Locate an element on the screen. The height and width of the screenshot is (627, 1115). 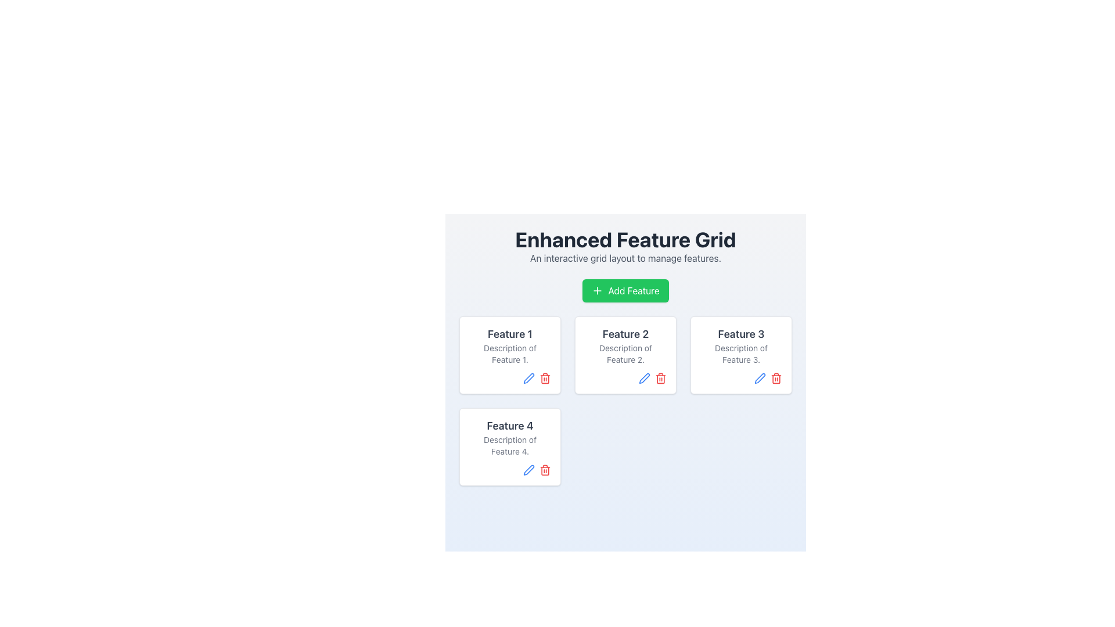
text content of the Text Label serving as the title for 'Feature 1' in the top-left quadrant of the grid layout is located at coordinates (510, 334).